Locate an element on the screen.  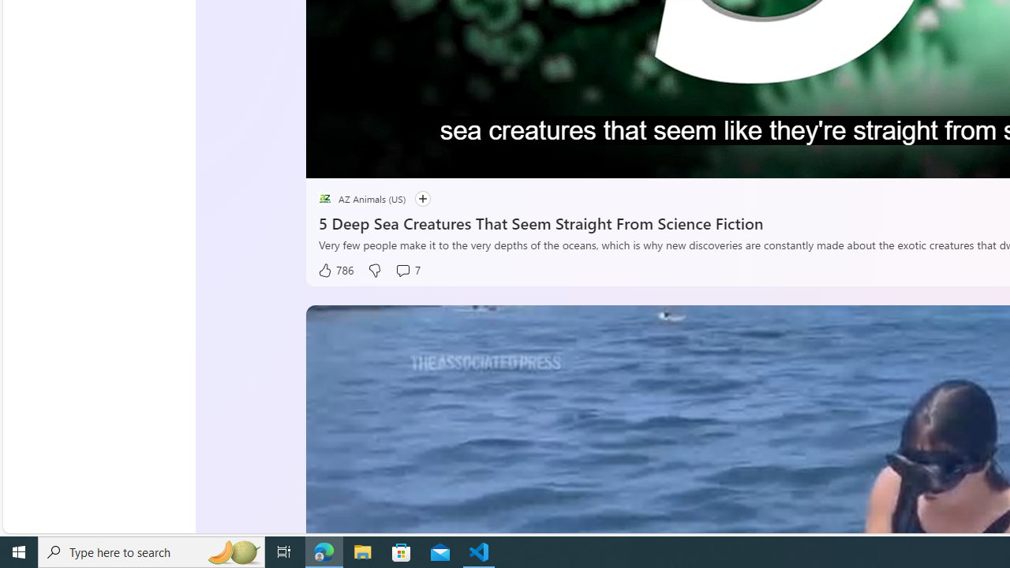
'View comments 7 Comment' is located at coordinates (407, 270).